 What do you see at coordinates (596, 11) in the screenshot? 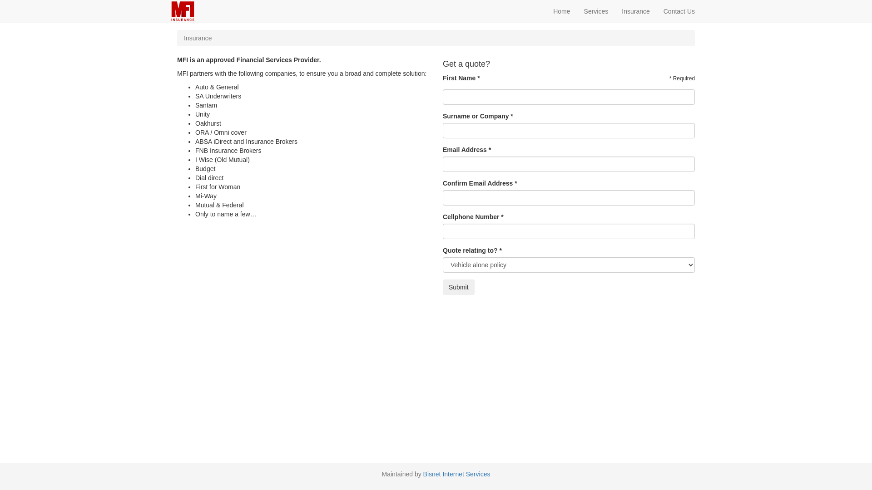
I see `'Services'` at bounding box center [596, 11].